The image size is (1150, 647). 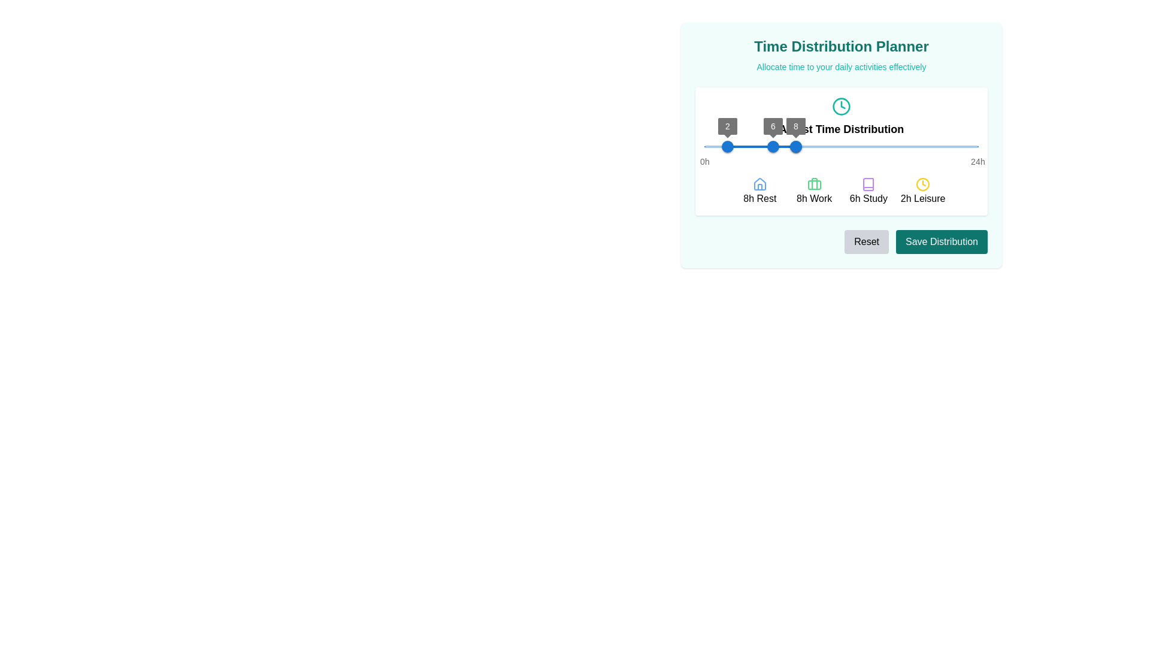 What do you see at coordinates (785, 146) in the screenshot?
I see `the time slider` at bounding box center [785, 146].